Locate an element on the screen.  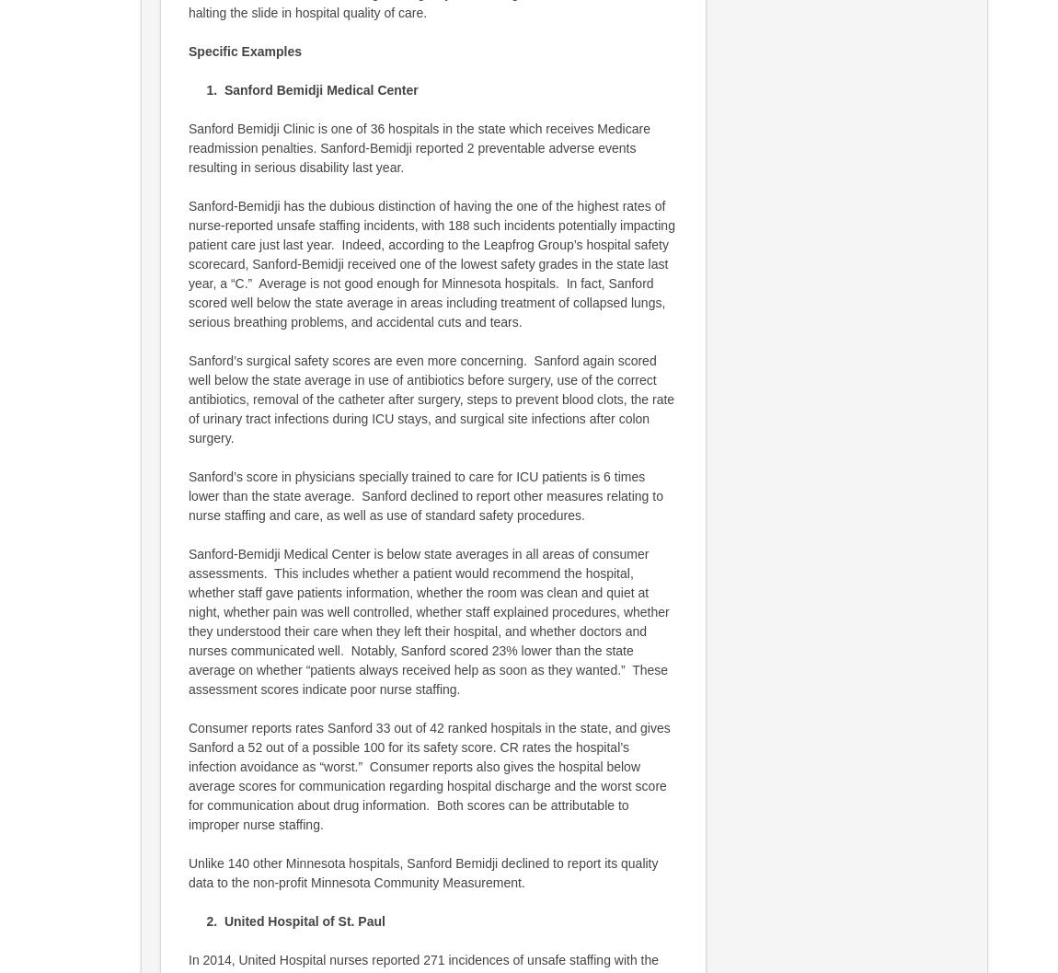
'Unlike 140 other Minnesota hospitals, Sanford Bemidji declined to report its quality data to the non-profit Minnesota Community Measurement.' is located at coordinates (423, 872).